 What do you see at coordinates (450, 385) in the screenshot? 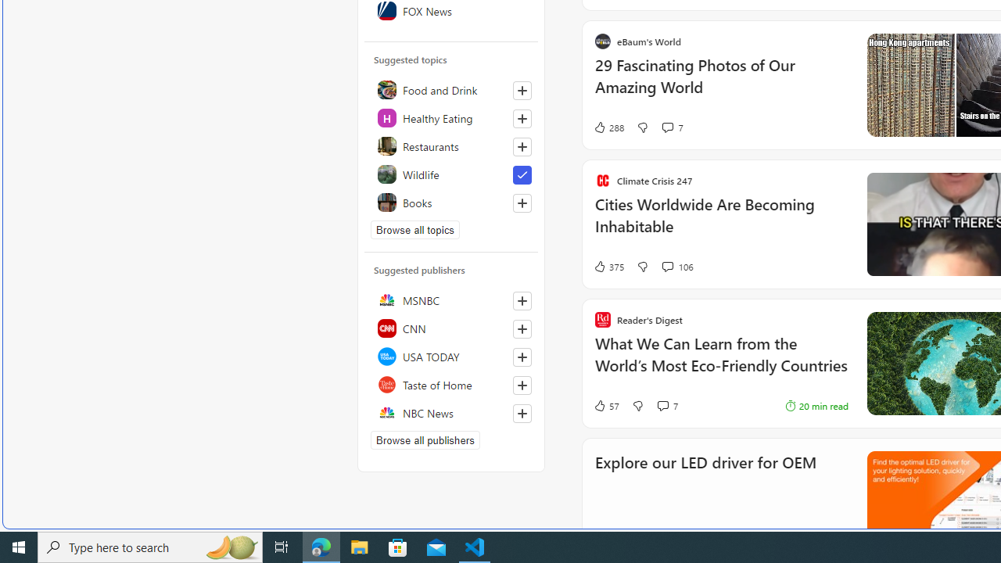
I see `'Taste of Home'` at bounding box center [450, 385].